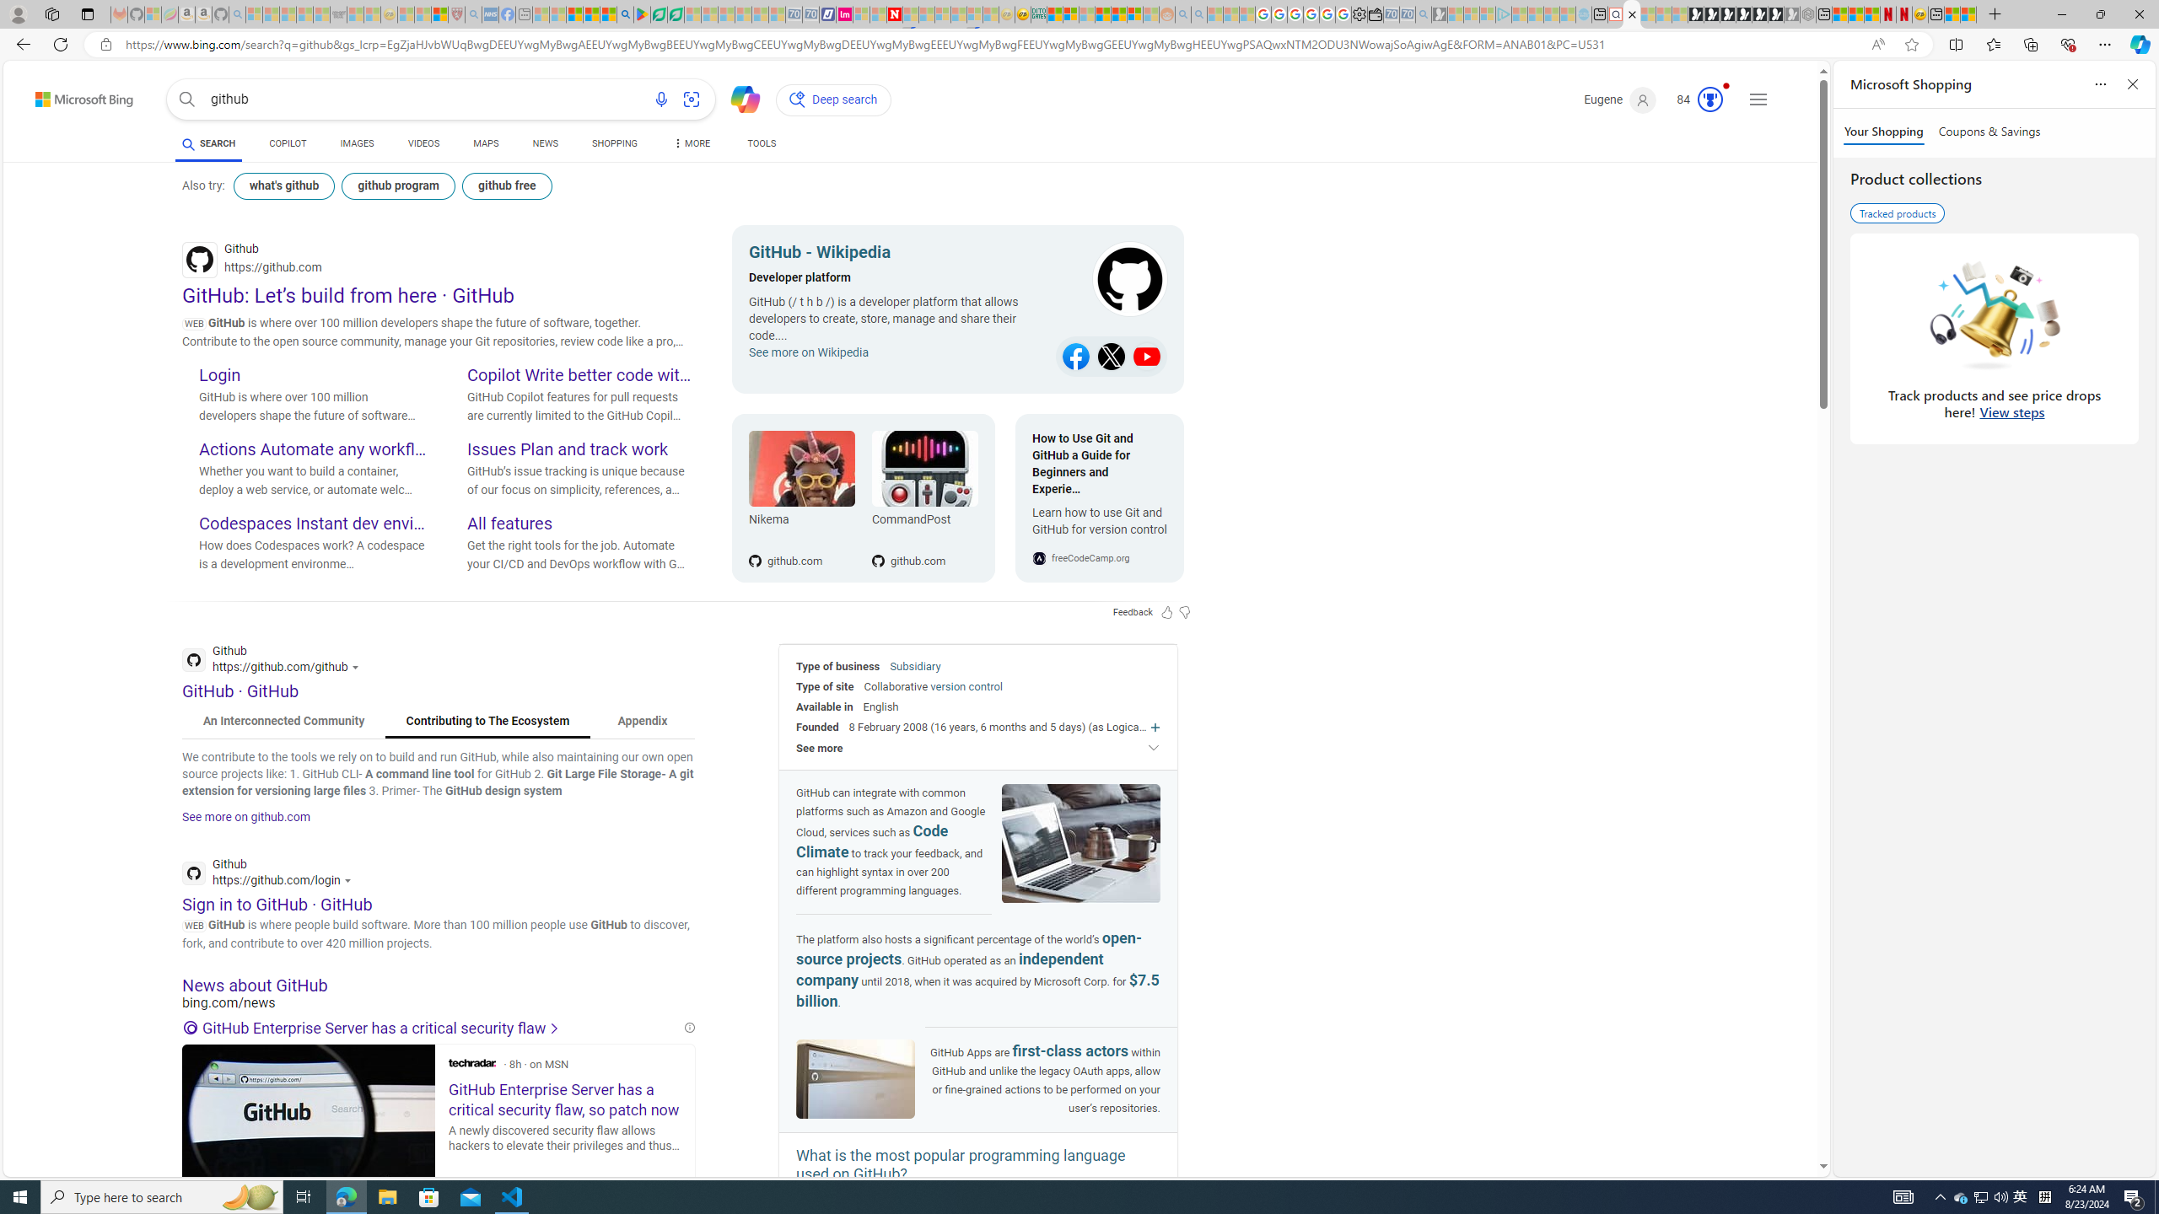  Describe the element at coordinates (186, 99) in the screenshot. I see `'Search button'` at that location.